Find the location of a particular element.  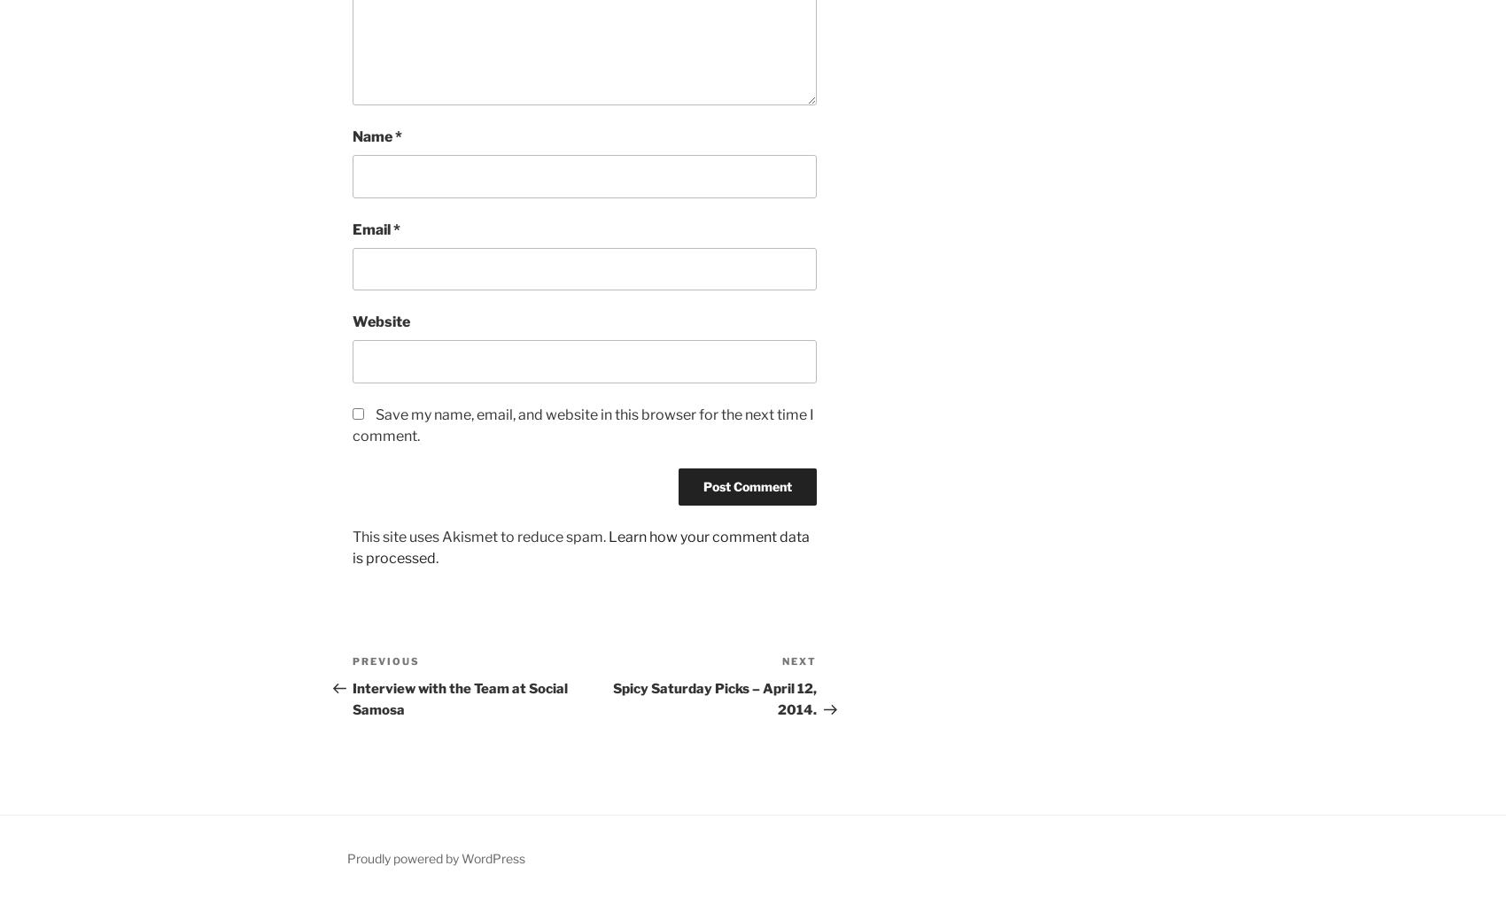

'Previous' is located at coordinates (386, 660).